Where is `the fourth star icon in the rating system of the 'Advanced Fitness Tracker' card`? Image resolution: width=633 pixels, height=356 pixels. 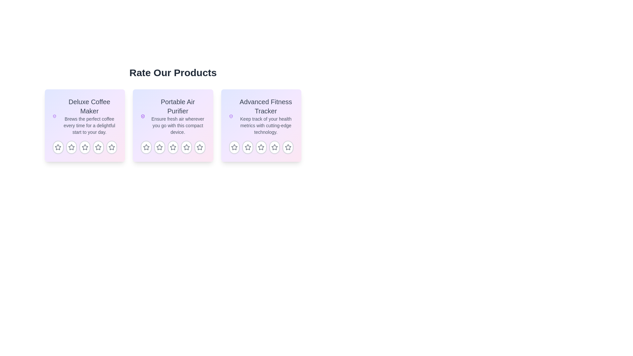 the fourth star icon in the rating system of the 'Advanced Fitness Tracker' card is located at coordinates (261, 147).